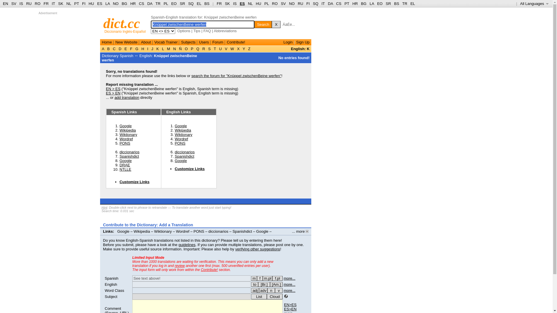 The height and width of the screenshot is (313, 557). I want to click on 'review', so click(179, 266).